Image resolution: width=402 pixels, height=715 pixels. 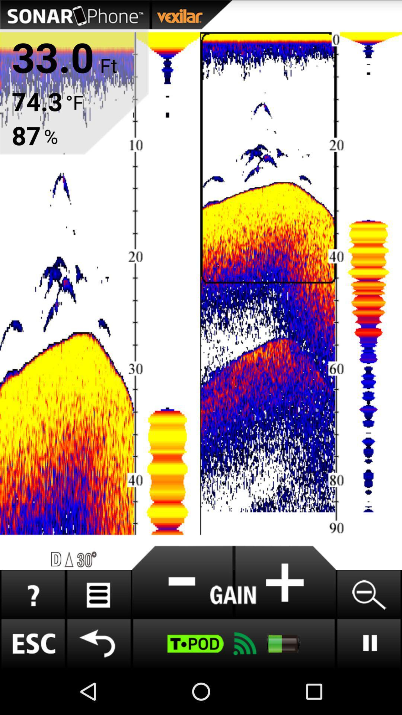 I want to click on the help icon, so click(x=32, y=636).